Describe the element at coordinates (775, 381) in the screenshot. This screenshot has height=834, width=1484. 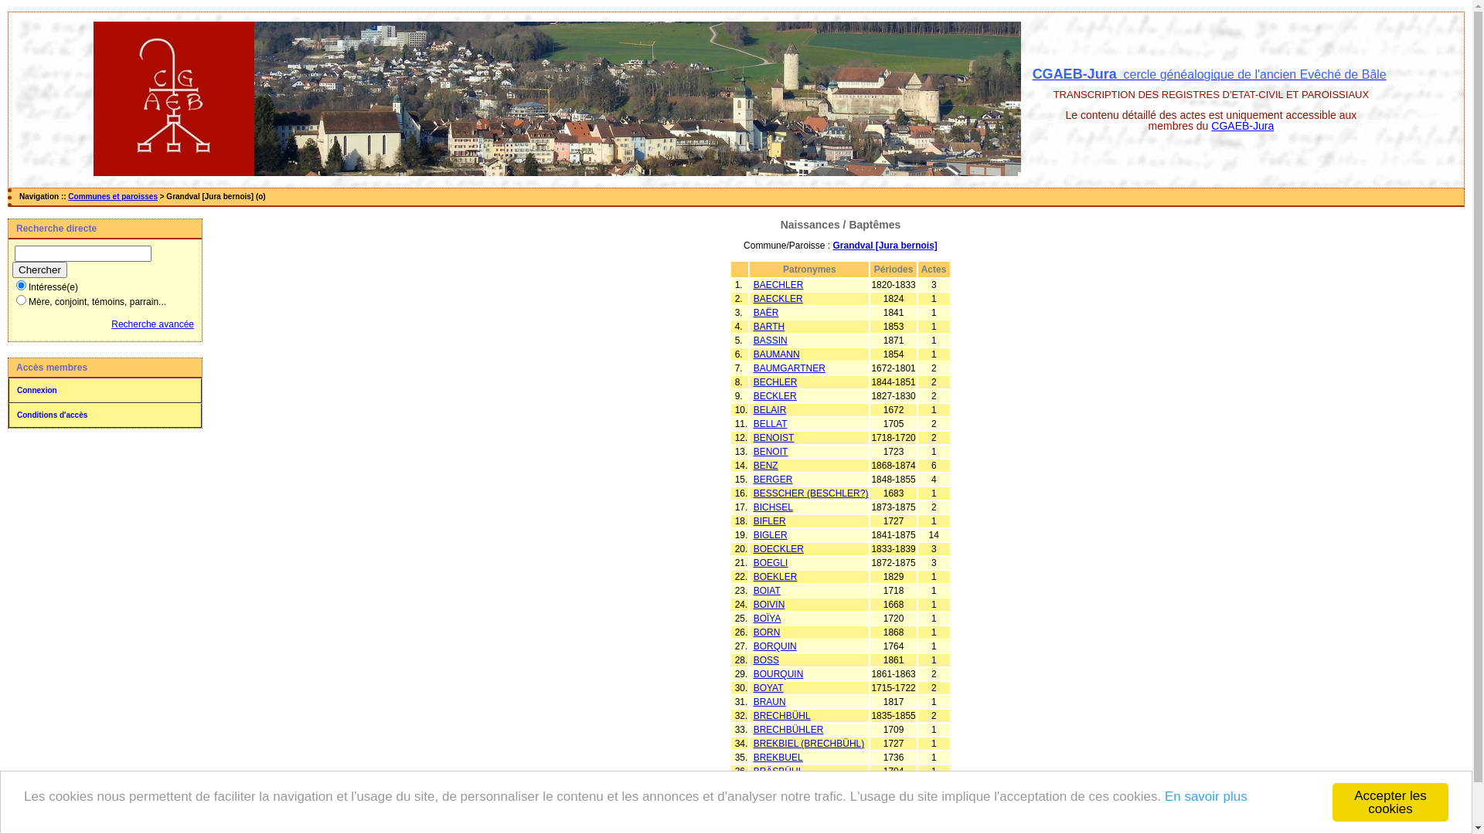
I see `'BECHLER'` at that location.